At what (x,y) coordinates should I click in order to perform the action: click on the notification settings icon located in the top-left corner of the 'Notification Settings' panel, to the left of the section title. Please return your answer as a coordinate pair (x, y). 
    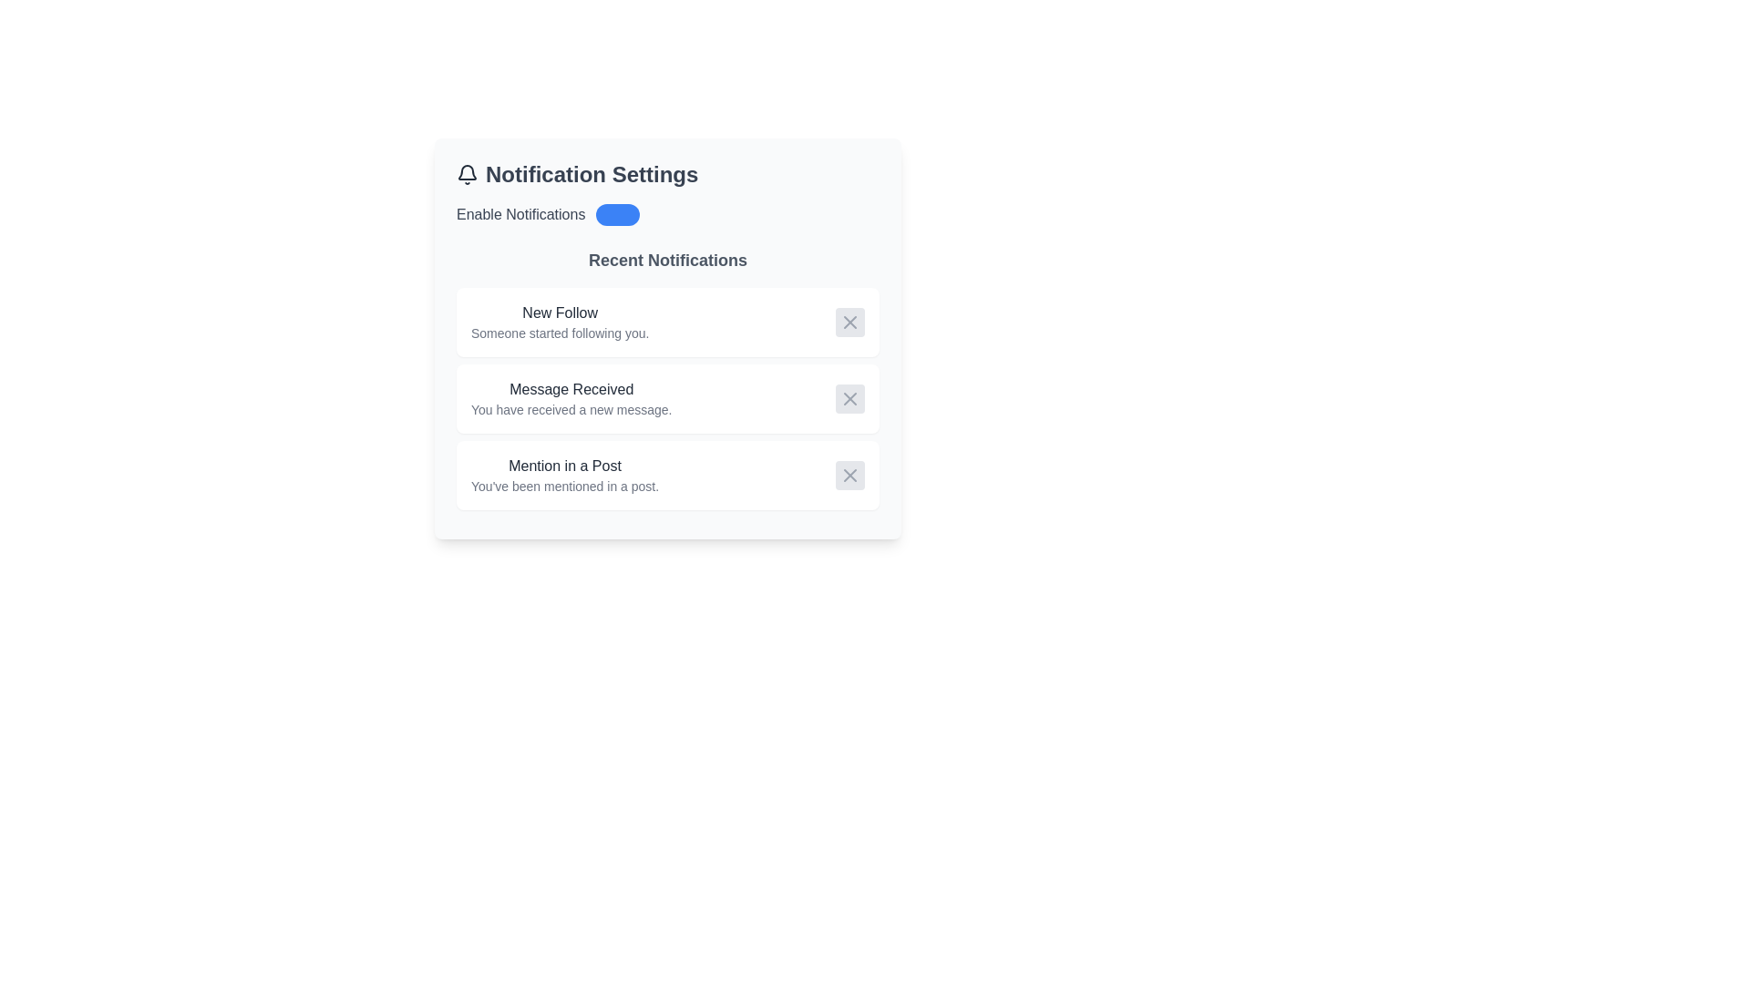
    Looking at the image, I should click on (468, 172).